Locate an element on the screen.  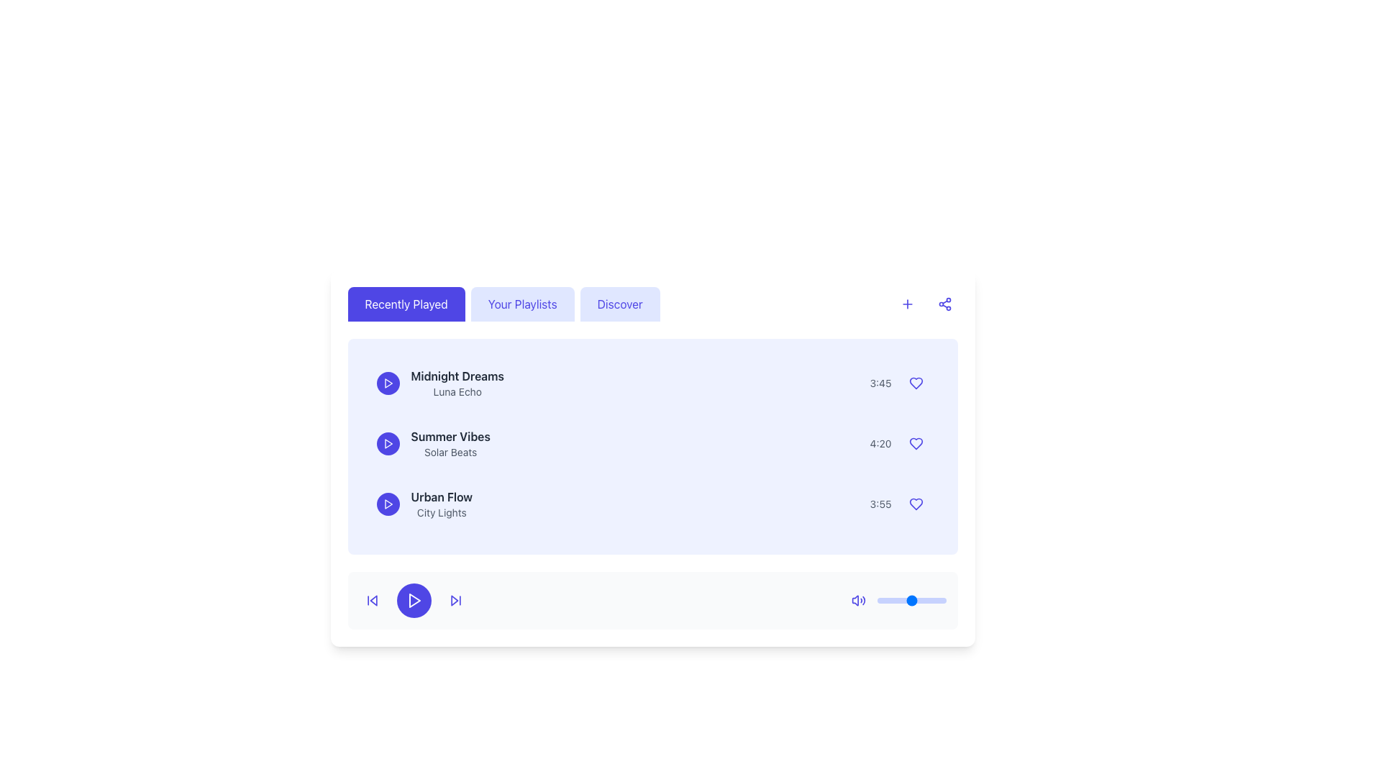
the 'Discover' button, which is the third element in the horizontal navigation bar aligned at the rightmost position is located at coordinates (620, 304).